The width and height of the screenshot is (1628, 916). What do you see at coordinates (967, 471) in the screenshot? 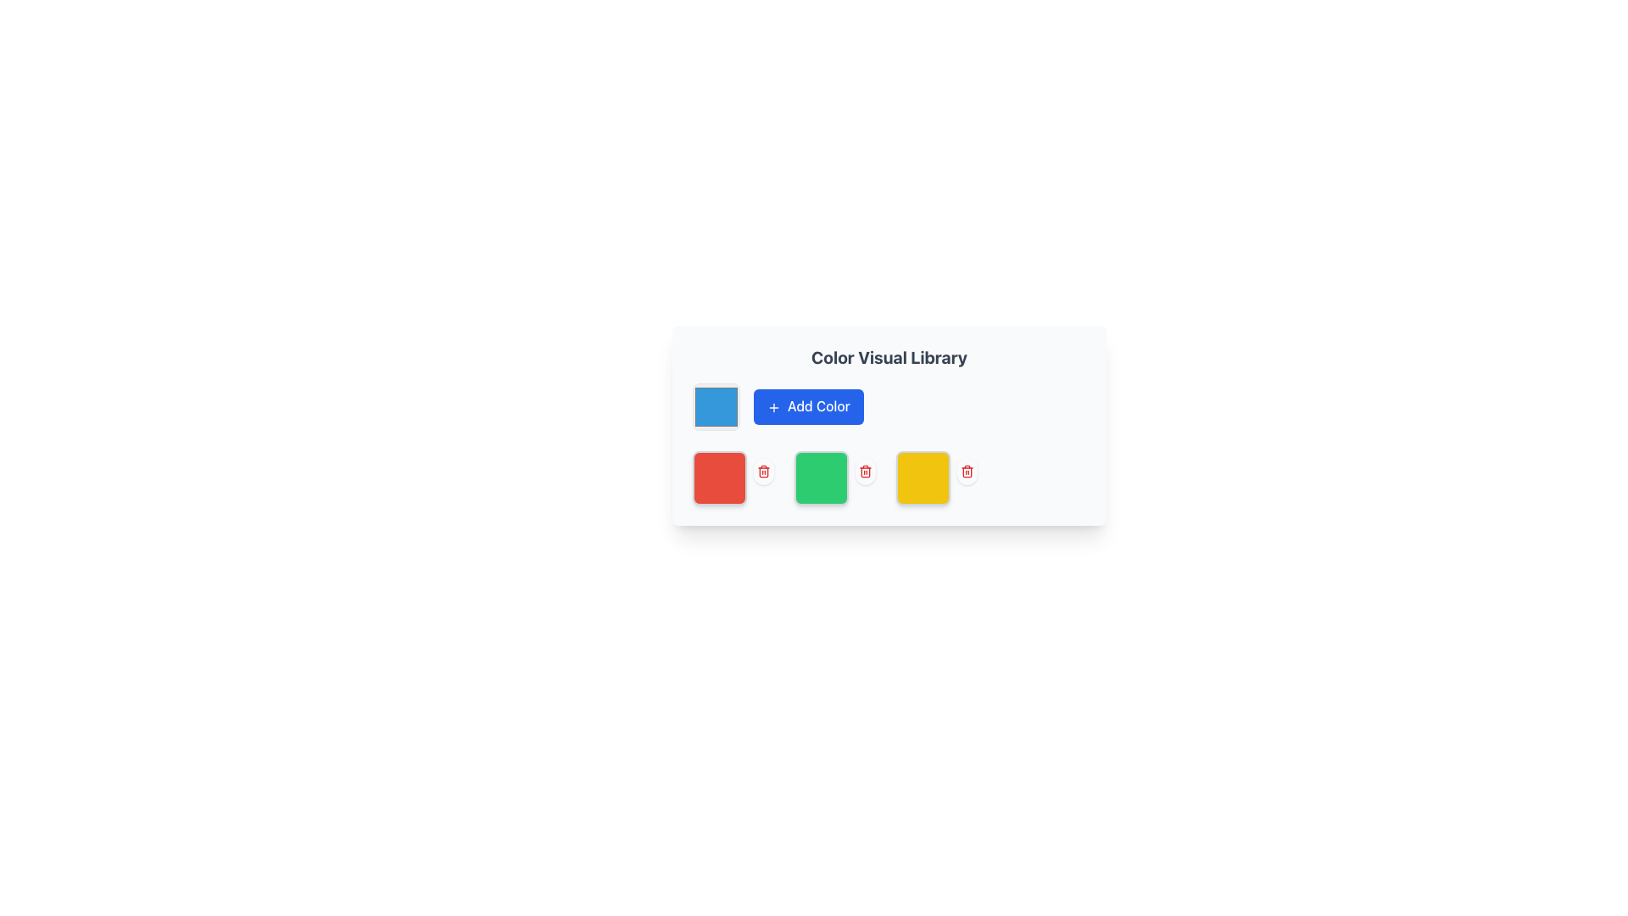
I see `the delete button located at the uppermost right position of the yellow card` at bounding box center [967, 471].